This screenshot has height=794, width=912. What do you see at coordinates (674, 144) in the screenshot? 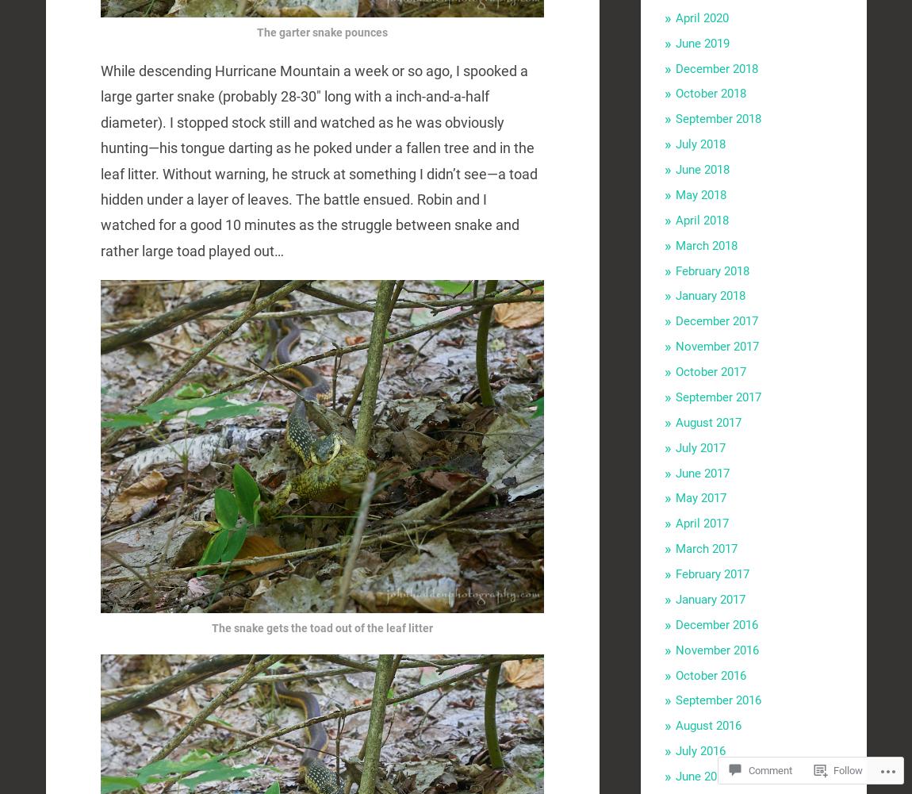
I see `'July 2018'` at bounding box center [674, 144].